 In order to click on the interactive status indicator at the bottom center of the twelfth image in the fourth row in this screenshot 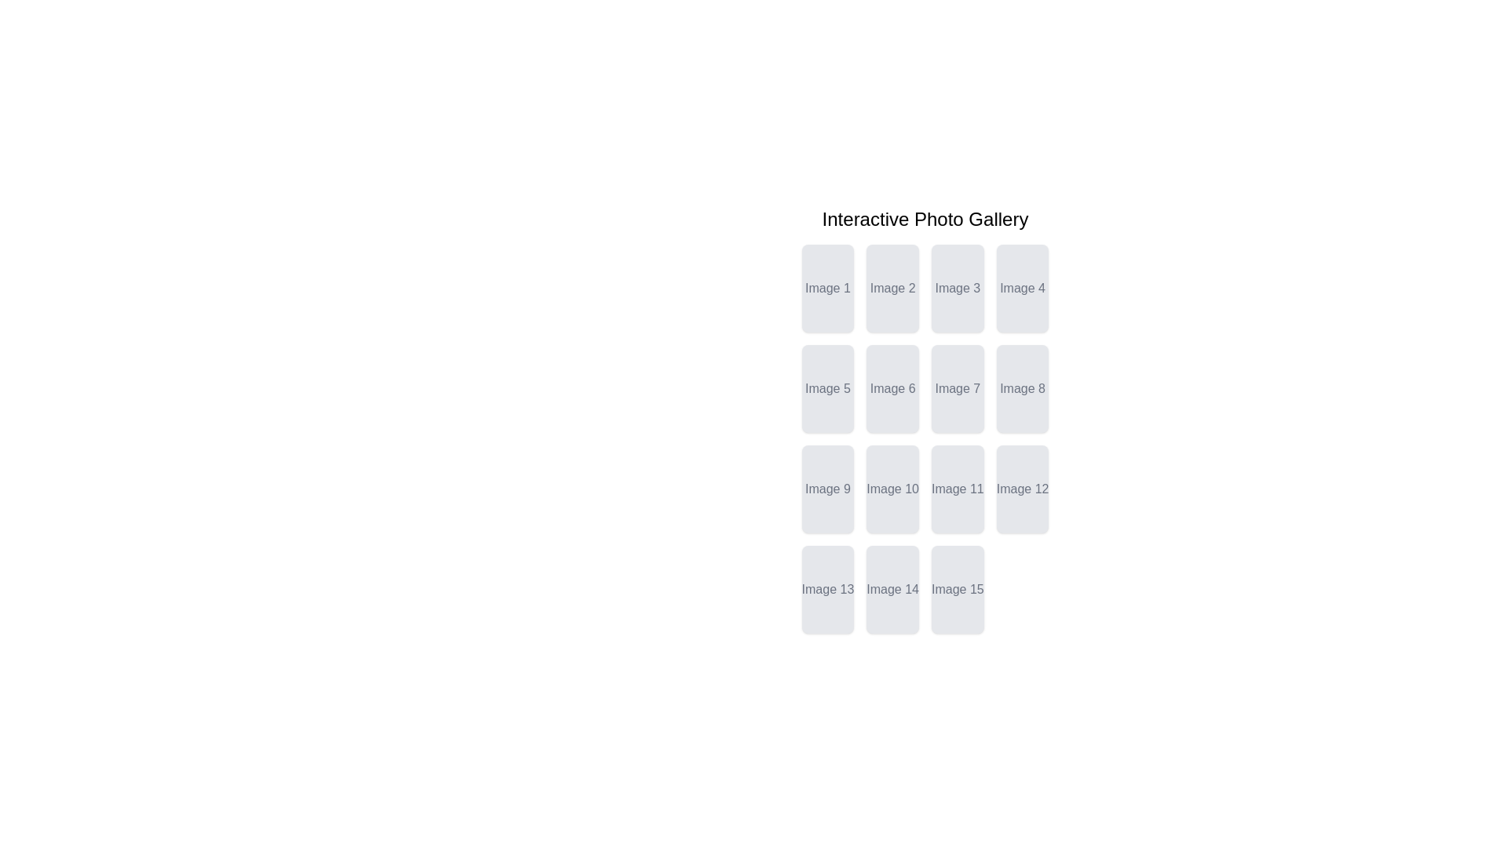, I will do `click(1023, 502)`.